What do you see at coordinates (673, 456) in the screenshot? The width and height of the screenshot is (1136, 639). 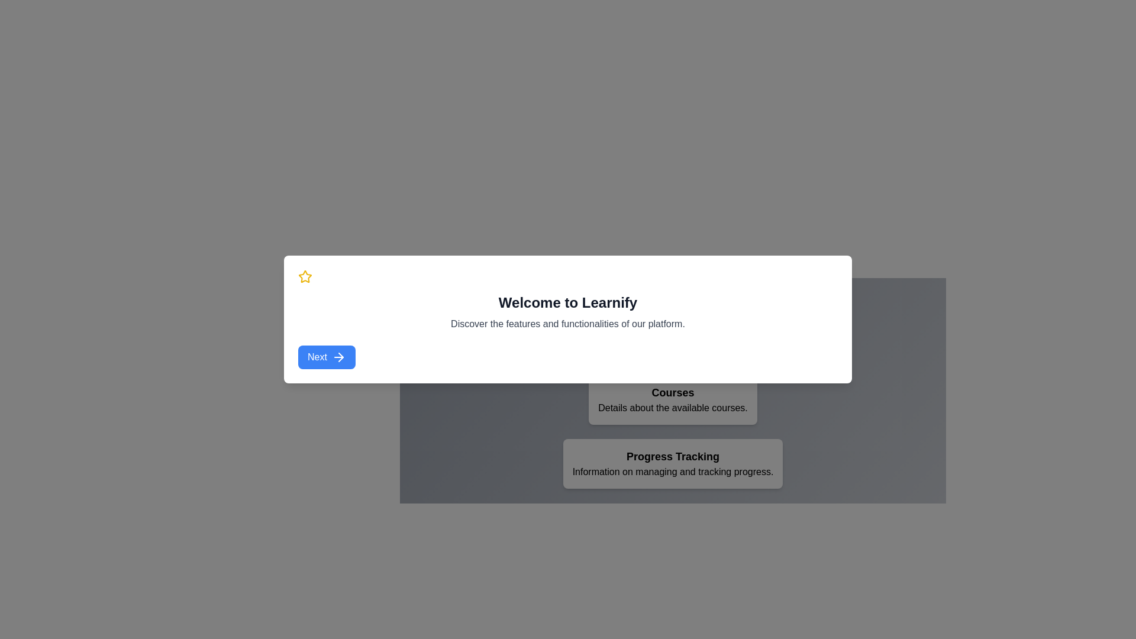 I see `the 'Progress Tracking' label, which is a bold text element located at the top of a rectangular card with a light background and rounded edges` at bounding box center [673, 456].